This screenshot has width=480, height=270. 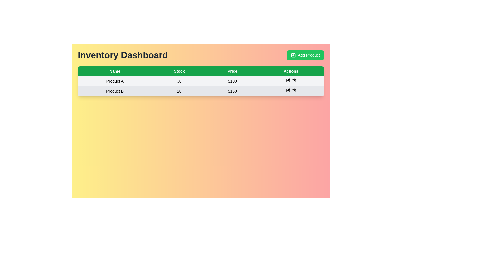 I want to click on the trash can icon in the Actions column of the second row, so click(x=294, y=90).